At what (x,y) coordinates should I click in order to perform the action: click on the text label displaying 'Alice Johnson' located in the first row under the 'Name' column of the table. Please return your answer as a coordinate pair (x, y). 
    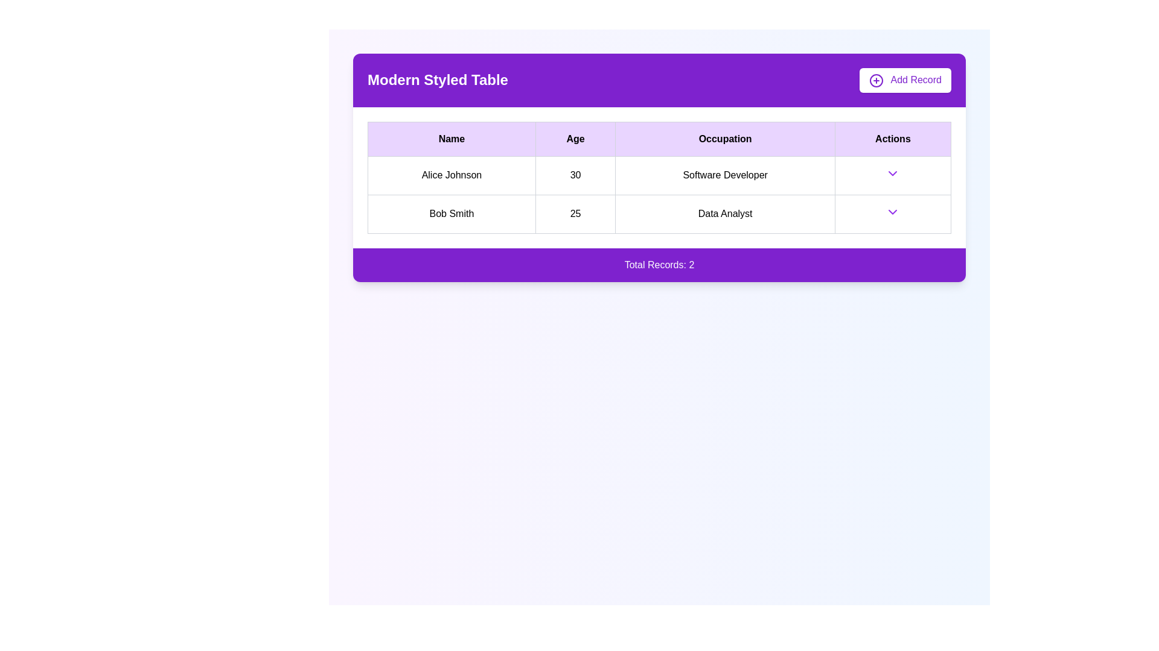
    Looking at the image, I should click on (451, 175).